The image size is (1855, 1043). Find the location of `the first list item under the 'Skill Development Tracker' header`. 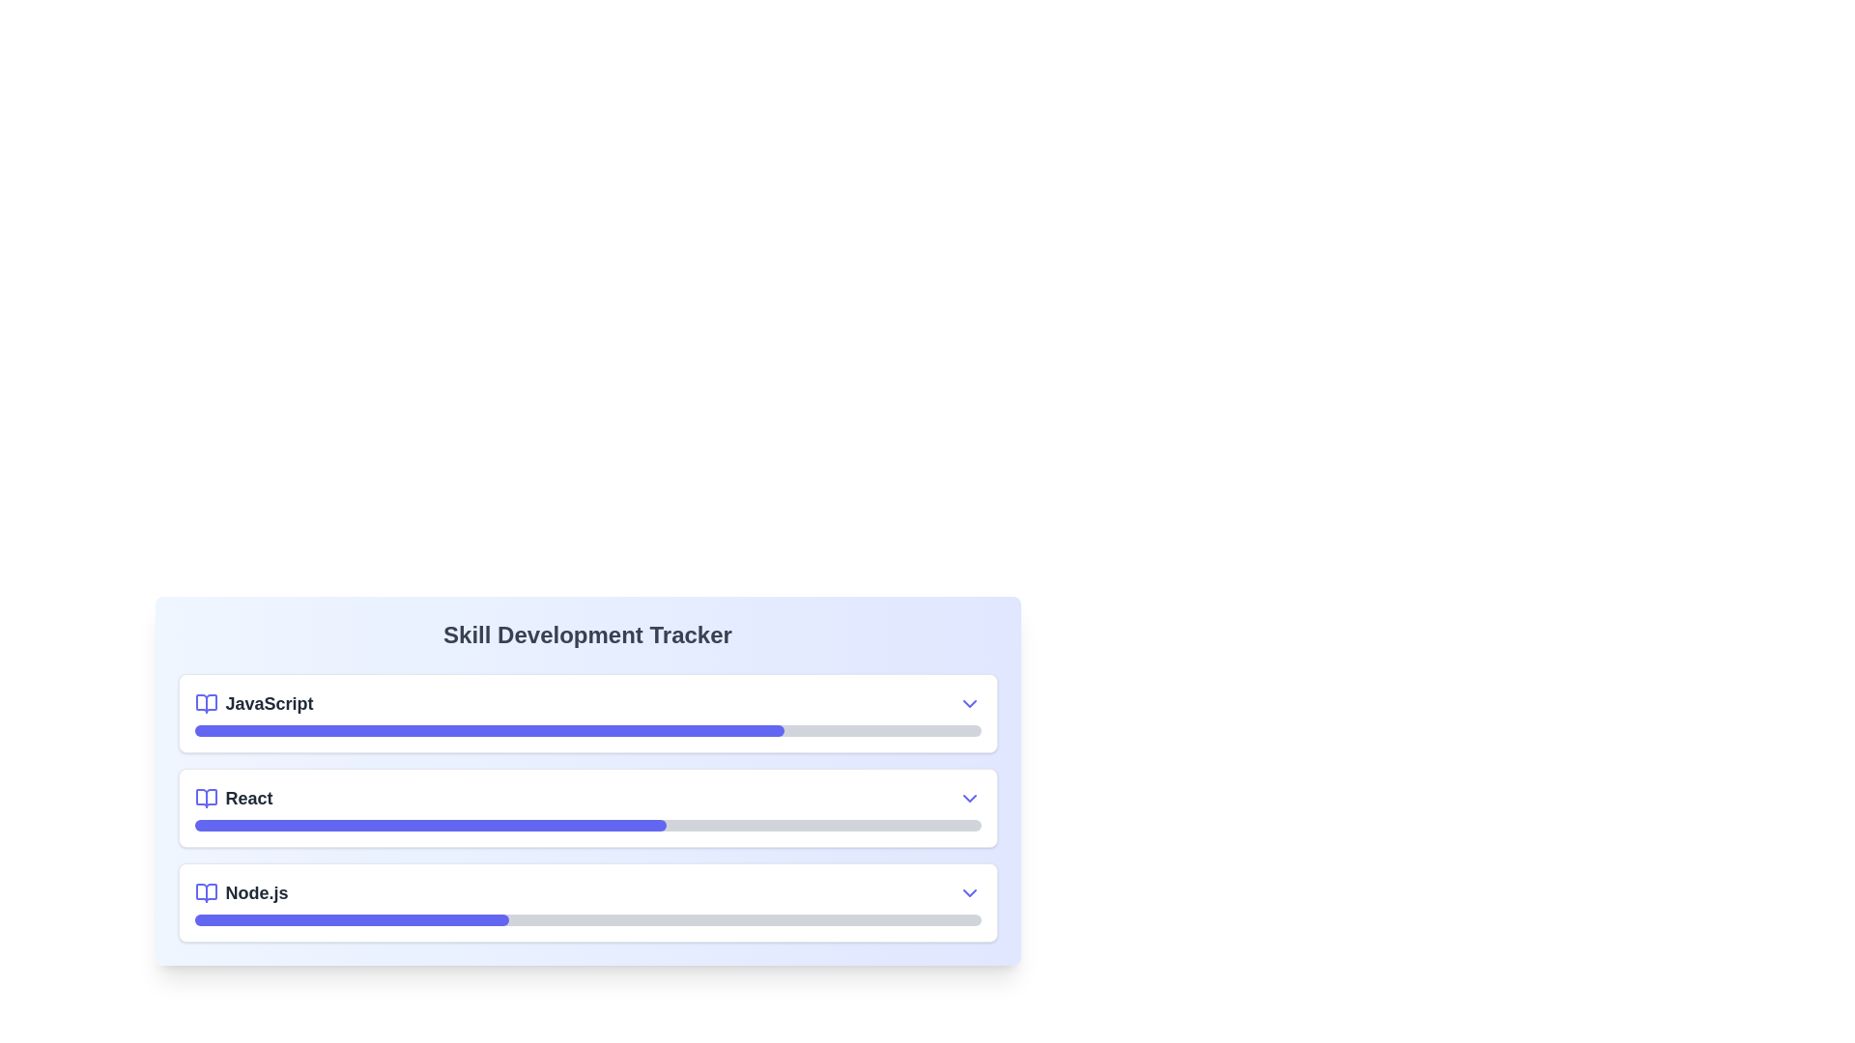

the first list item under the 'Skill Development Tracker' header is located at coordinates (586, 704).